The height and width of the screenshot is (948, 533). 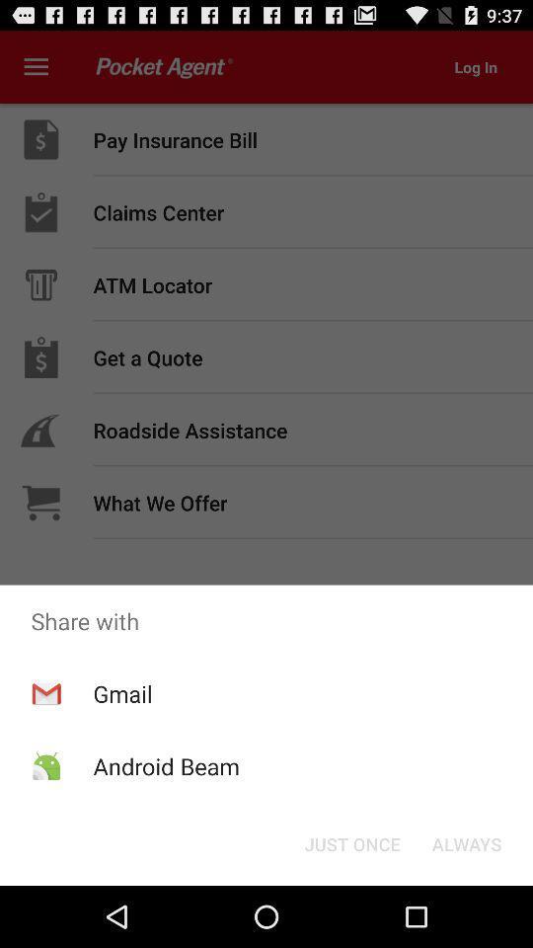 I want to click on the gmail app, so click(x=122, y=693).